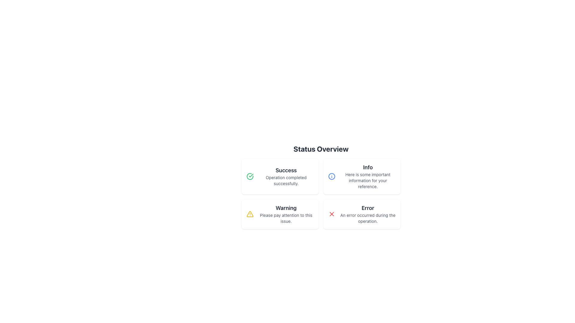  Describe the element at coordinates (320, 194) in the screenshot. I see `Grid Layout displaying operational statuses or messages, located below the 'Status Overview' header` at that location.